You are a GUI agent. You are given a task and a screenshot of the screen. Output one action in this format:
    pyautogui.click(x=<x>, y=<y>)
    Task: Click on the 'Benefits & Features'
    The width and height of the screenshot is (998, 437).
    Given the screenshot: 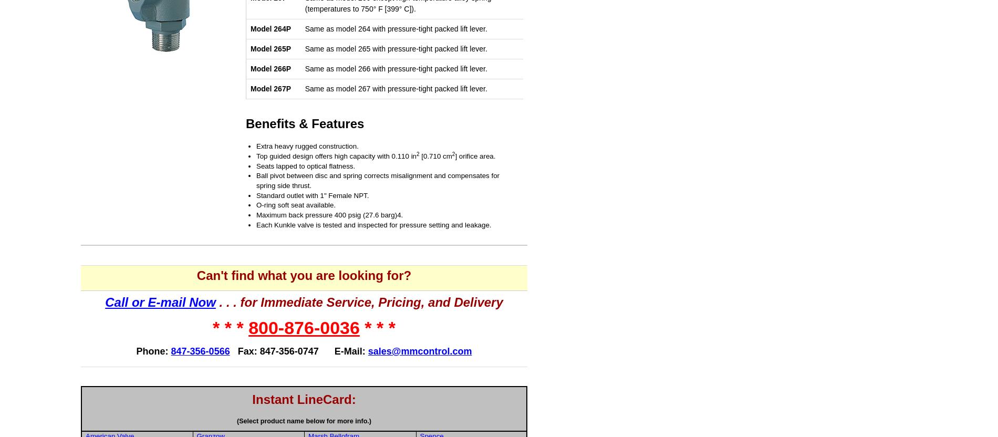 What is the action you would take?
    pyautogui.click(x=305, y=123)
    